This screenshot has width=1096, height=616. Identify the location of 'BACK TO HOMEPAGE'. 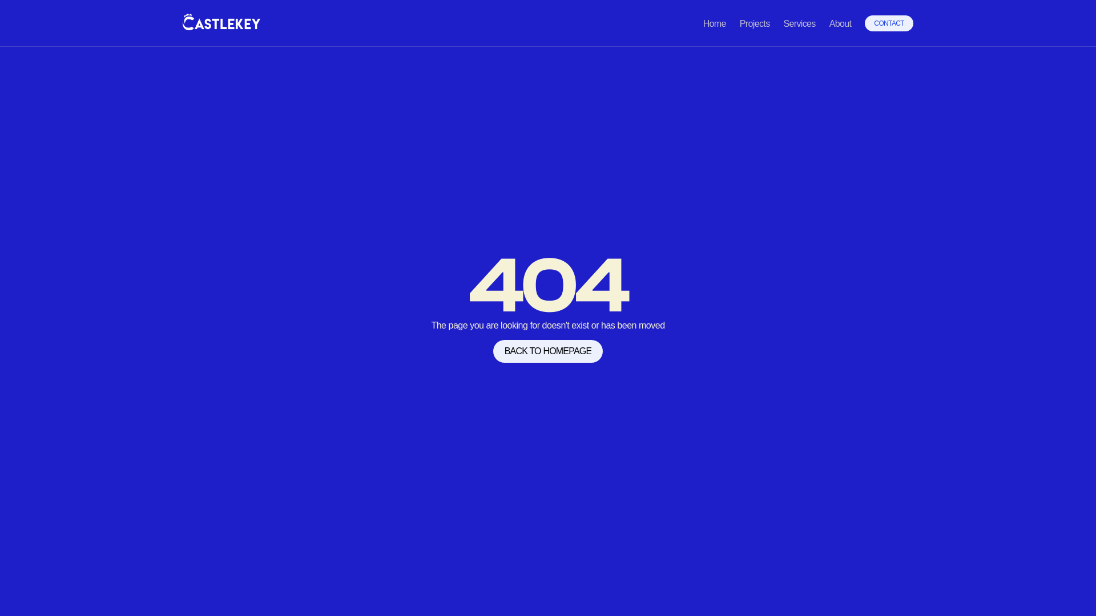
(493, 351).